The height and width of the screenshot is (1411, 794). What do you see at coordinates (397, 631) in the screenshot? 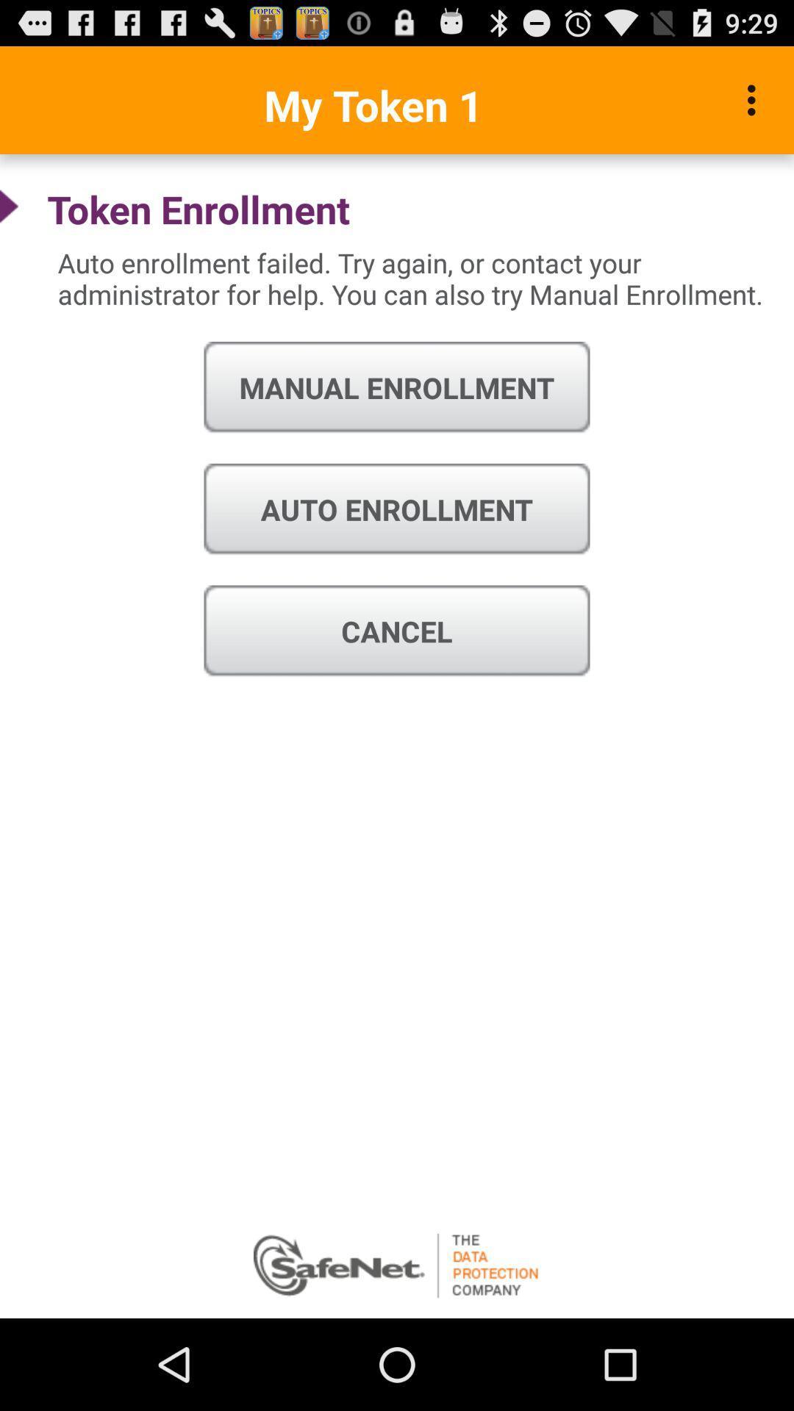
I see `the item below auto enrollment icon` at bounding box center [397, 631].